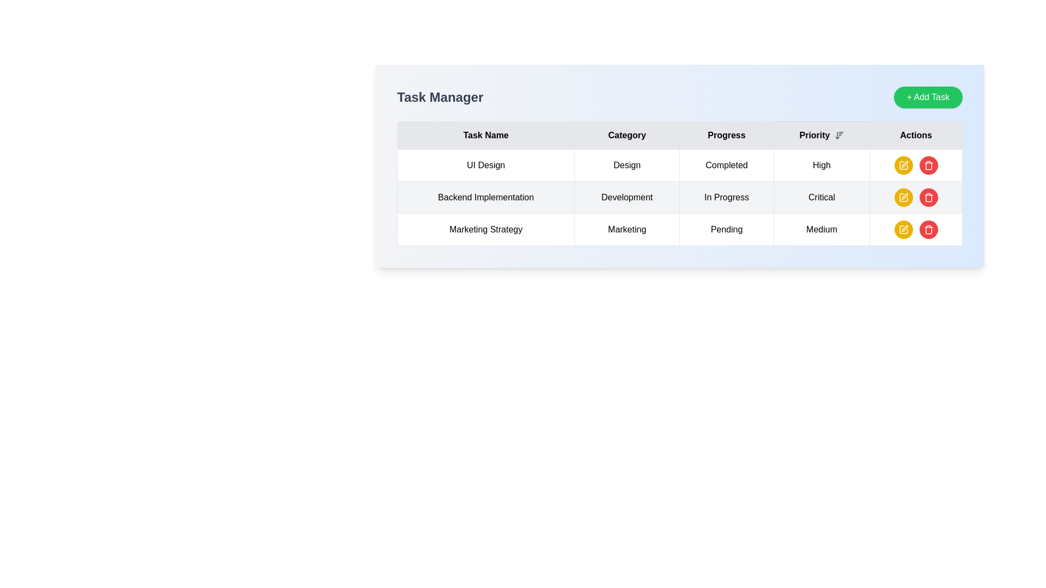 This screenshot has width=1046, height=588. What do you see at coordinates (679, 166) in the screenshot?
I see `the first row of the table displaying task 'UI Design'` at bounding box center [679, 166].